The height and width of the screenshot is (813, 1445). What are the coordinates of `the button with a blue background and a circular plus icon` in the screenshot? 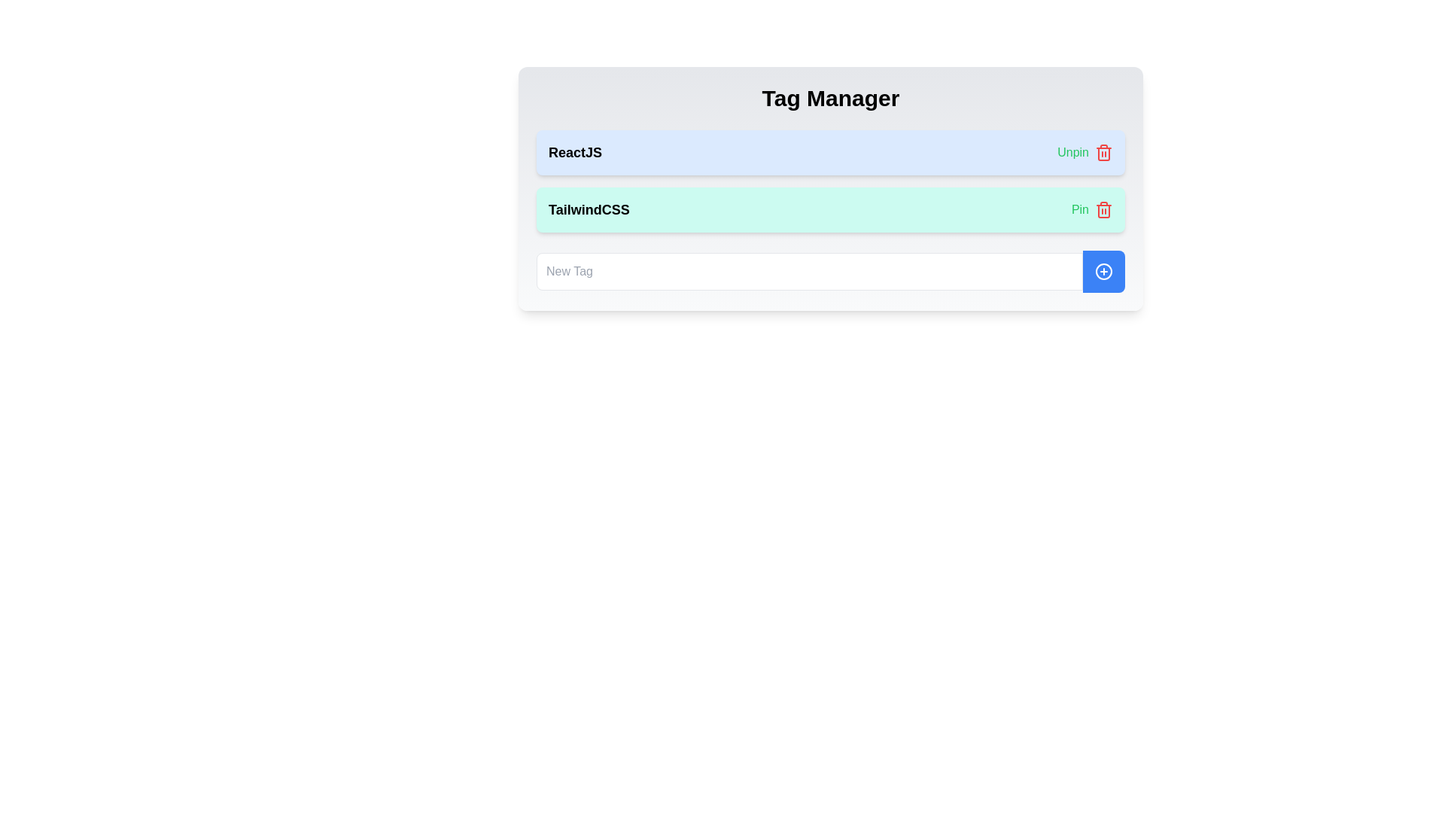 It's located at (1104, 272).